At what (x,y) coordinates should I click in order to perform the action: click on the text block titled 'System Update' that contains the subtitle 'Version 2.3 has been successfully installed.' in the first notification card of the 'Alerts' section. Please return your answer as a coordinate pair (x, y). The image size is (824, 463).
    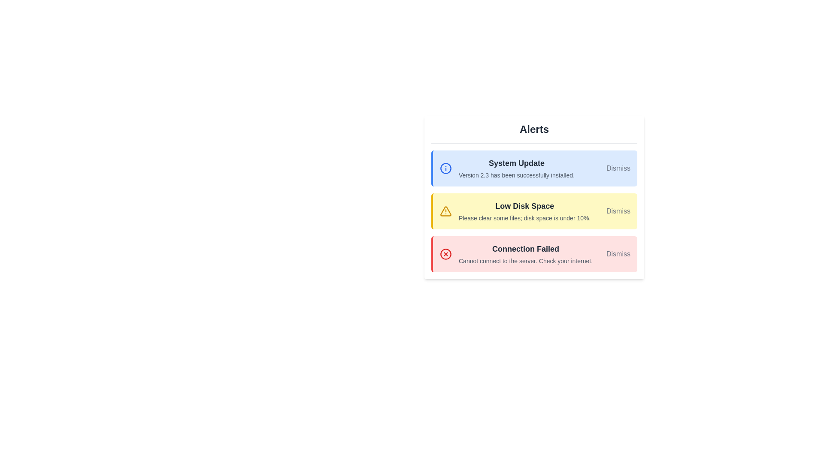
    Looking at the image, I should click on (516, 168).